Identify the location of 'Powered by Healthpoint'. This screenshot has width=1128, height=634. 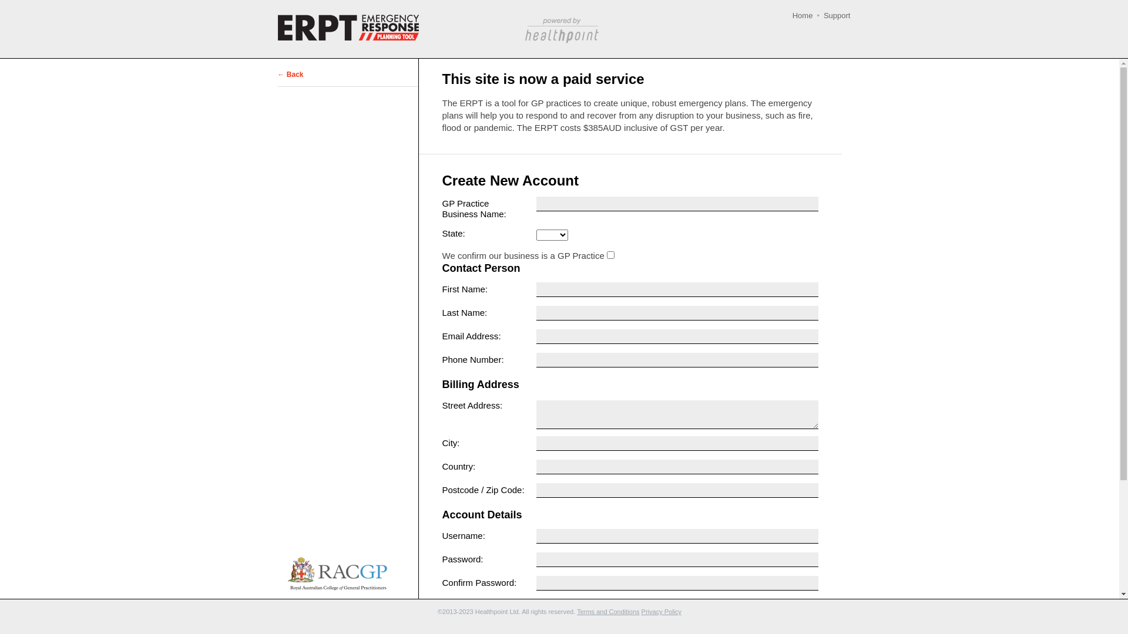
(560, 29).